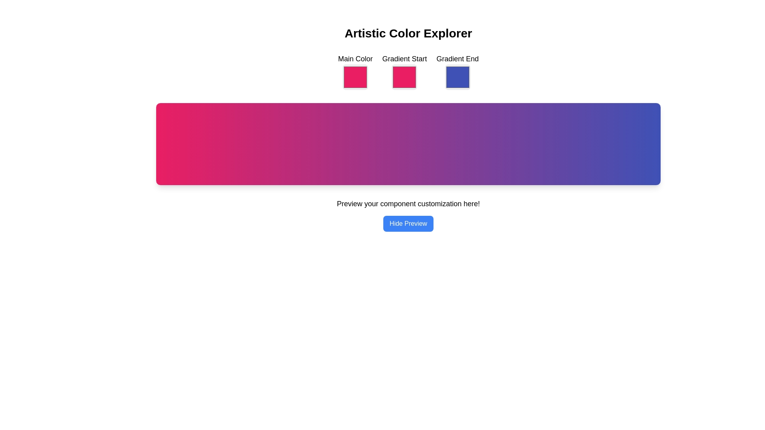  Describe the element at coordinates (408, 33) in the screenshot. I see `the large, bold text label reading 'Artistic Color Explorer', which is prominently styled and located near the top of the interface above the color-related sections` at that location.